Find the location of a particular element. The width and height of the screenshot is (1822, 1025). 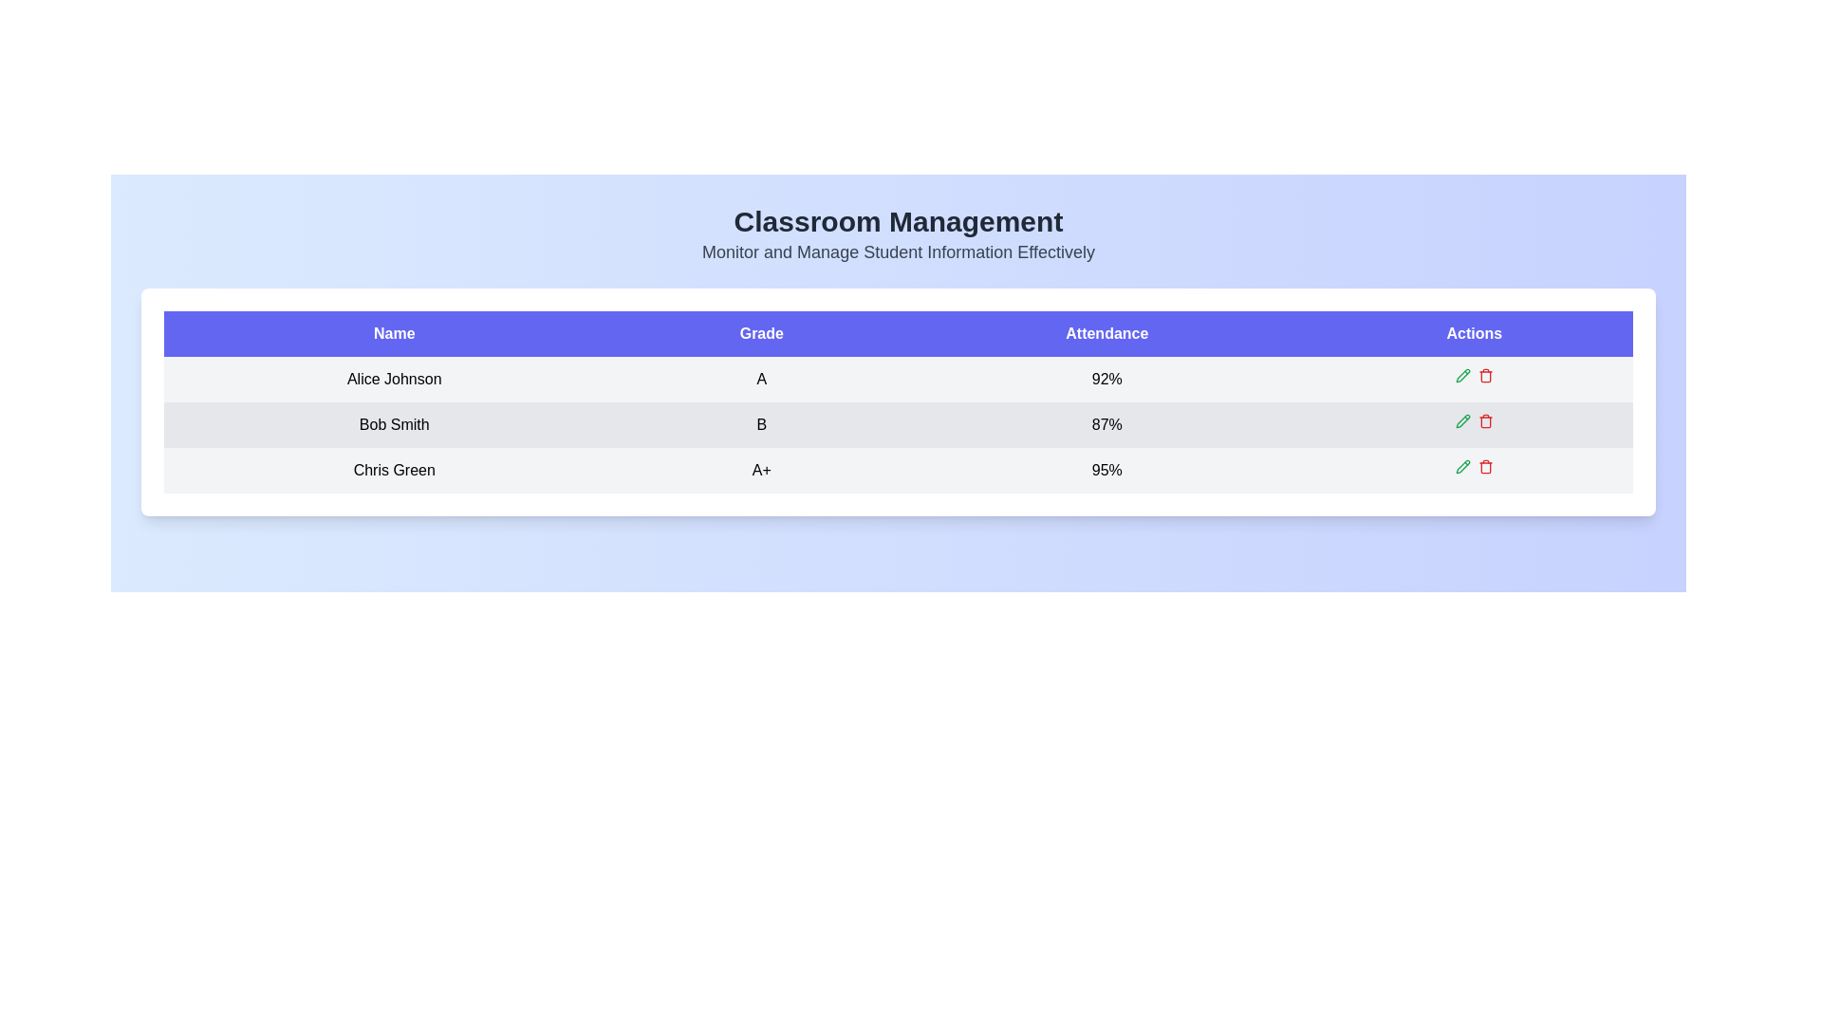

the edit button in the 'Actions' column for the student Bob Smith to initiate editing is located at coordinates (1461, 419).